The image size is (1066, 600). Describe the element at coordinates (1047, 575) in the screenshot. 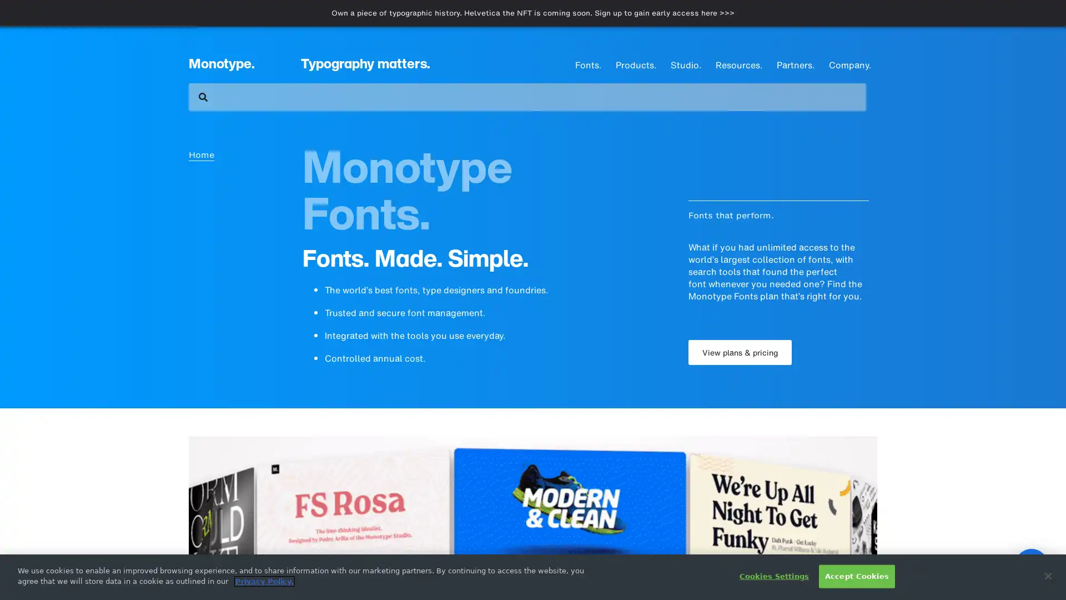

I see `Close` at that location.